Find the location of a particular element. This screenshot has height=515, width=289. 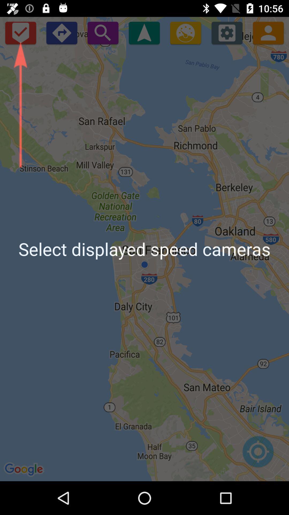

the item above the select displayed speed icon is located at coordinates (103, 32).